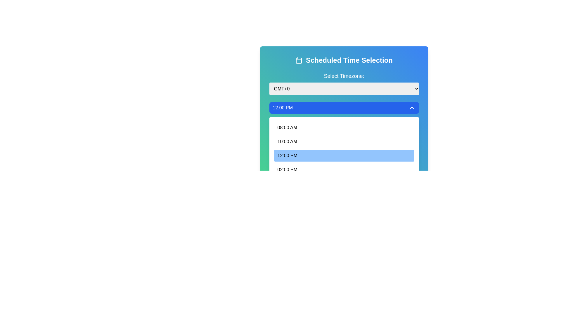  Describe the element at coordinates (287, 127) in the screenshot. I see `displayed time from the first selectable time option in the scheduling interface, located below the title and timezone selector` at that location.